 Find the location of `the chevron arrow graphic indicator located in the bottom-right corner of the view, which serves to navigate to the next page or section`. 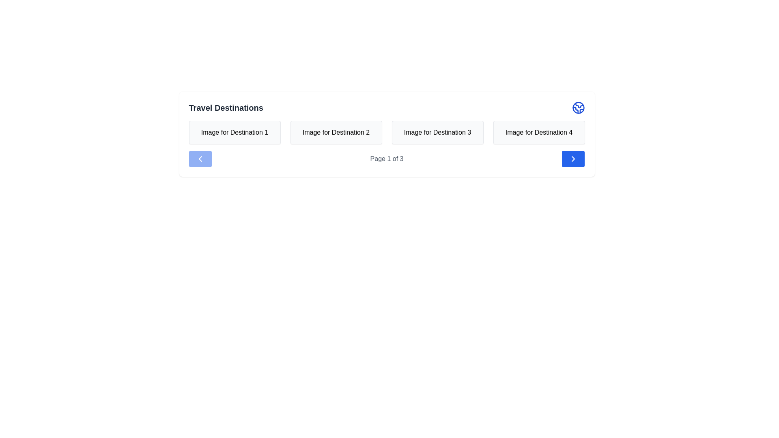

the chevron arrow graphic indicator located in the bottom-right corner of the view, which serves to navigate to the next page or section is located at coordinates (573, 159).